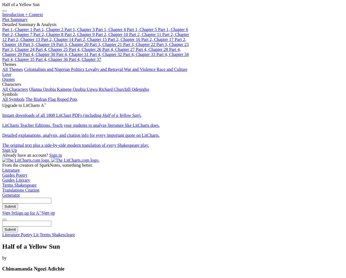  What do you see at coordinates (24, 39) in the screenshot?
I see `'Part 2, Chapter 13'` at bounding box center [24, 39].